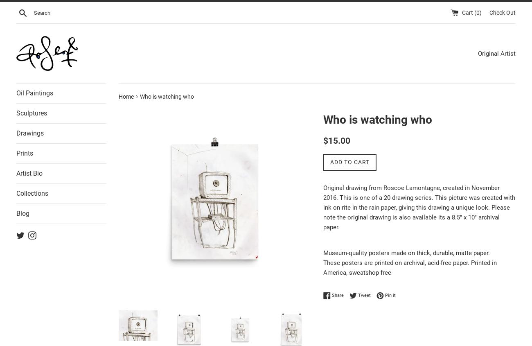 The height and width of the screenshot is (346, 532). What do you see at coordinates (338, 294) in the screenshot?
I see `'Share'` at bounding box center [338, 294].